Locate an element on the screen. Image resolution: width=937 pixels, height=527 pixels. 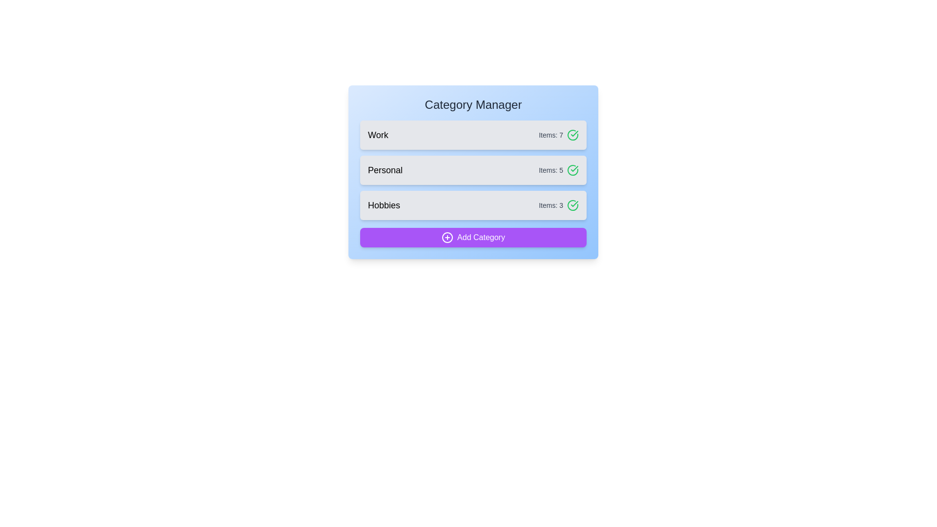
checkmark icon next to the Work category is located at coordinates (573, 135).